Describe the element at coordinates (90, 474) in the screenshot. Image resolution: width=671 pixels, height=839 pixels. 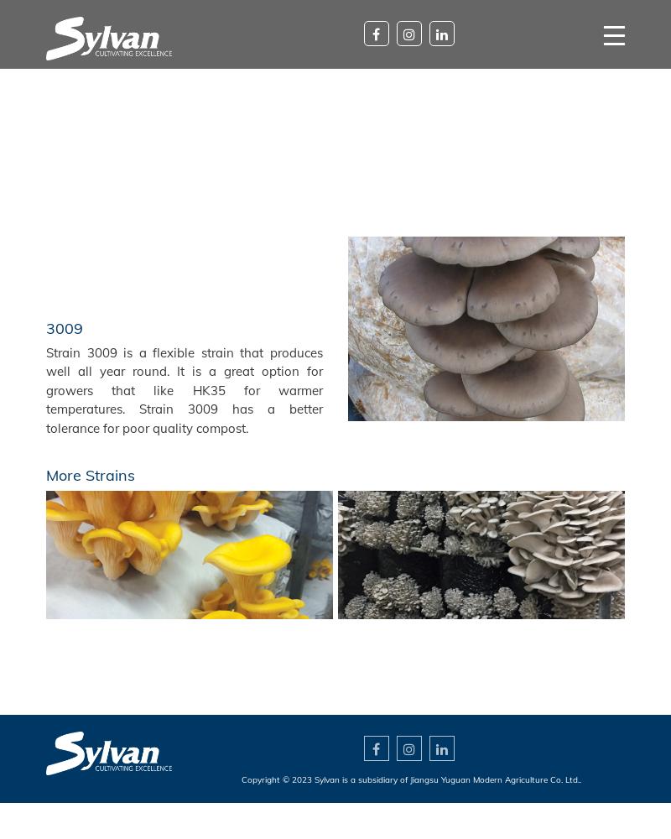
I see `'More Strains'` at that location.